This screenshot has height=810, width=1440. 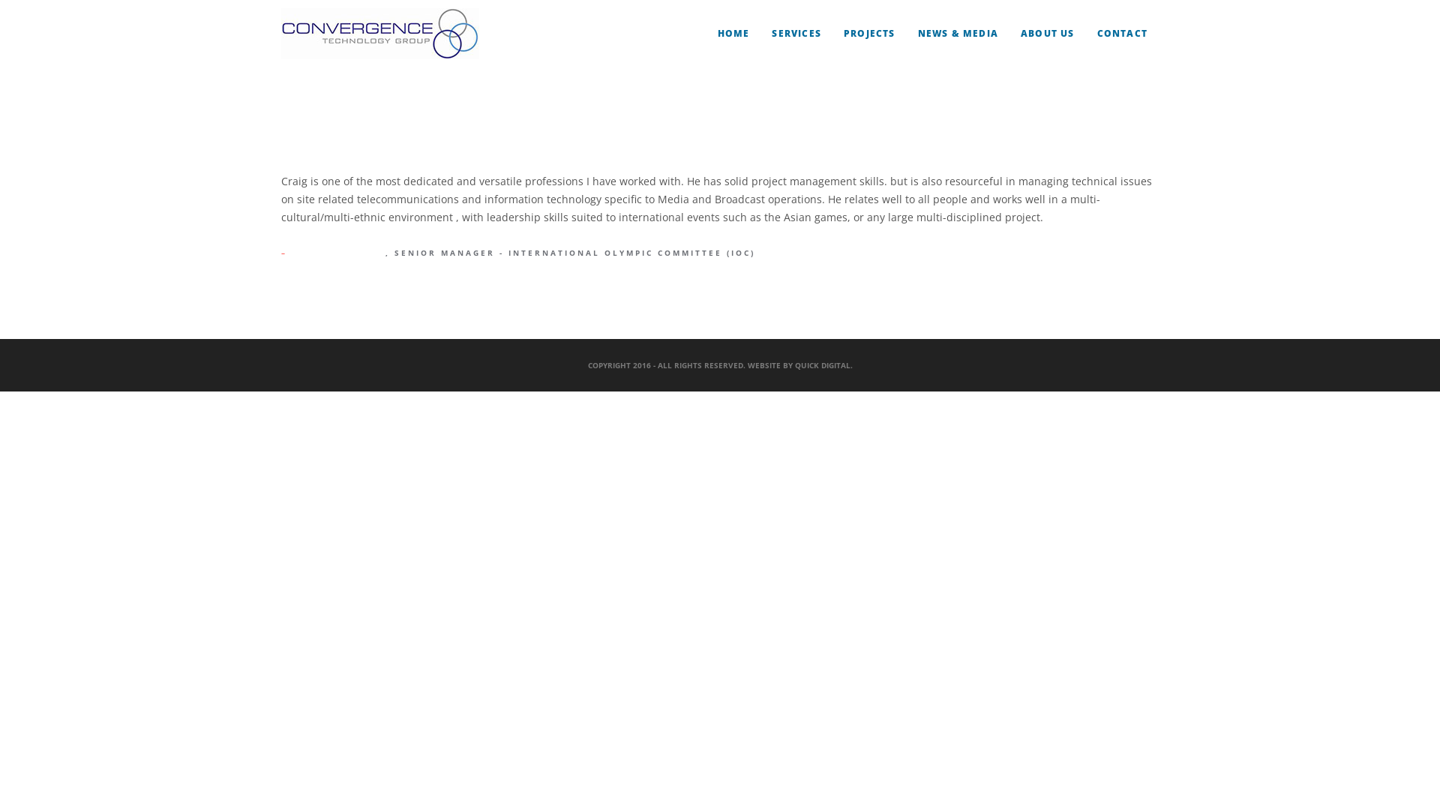 I want to click on 'PROJECTS', so click(x=843, y=34).